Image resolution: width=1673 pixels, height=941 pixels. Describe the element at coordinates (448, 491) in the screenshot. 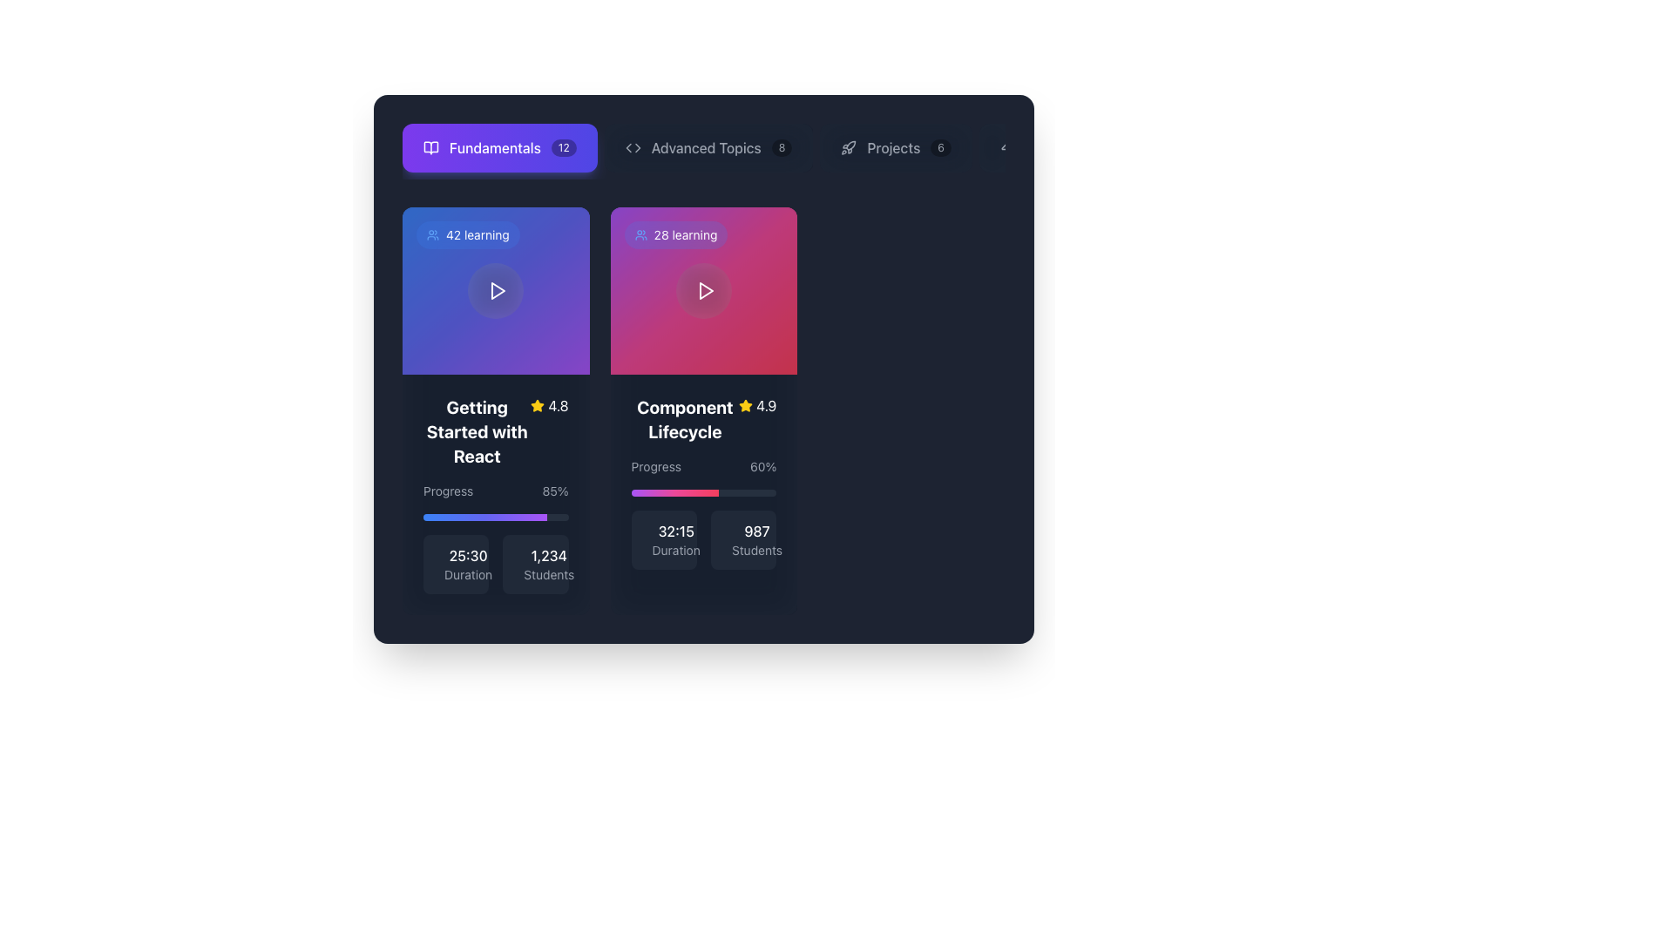

I see `the text label displaying 'Progress' in light gray color, which is positioned to the left of the percentage value '85%' in the lower part of a card for the course 'Getting Started with React'` at that location.